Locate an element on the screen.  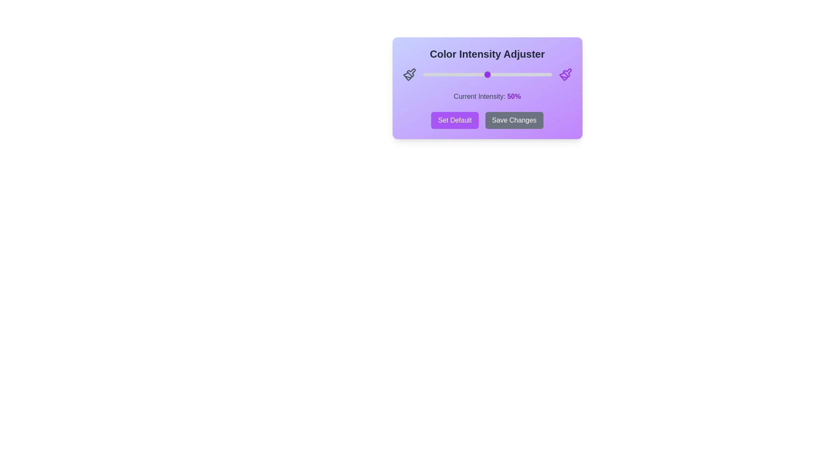
the slider to 15% to adjust the color intensity is located at coordinates (442, 74).